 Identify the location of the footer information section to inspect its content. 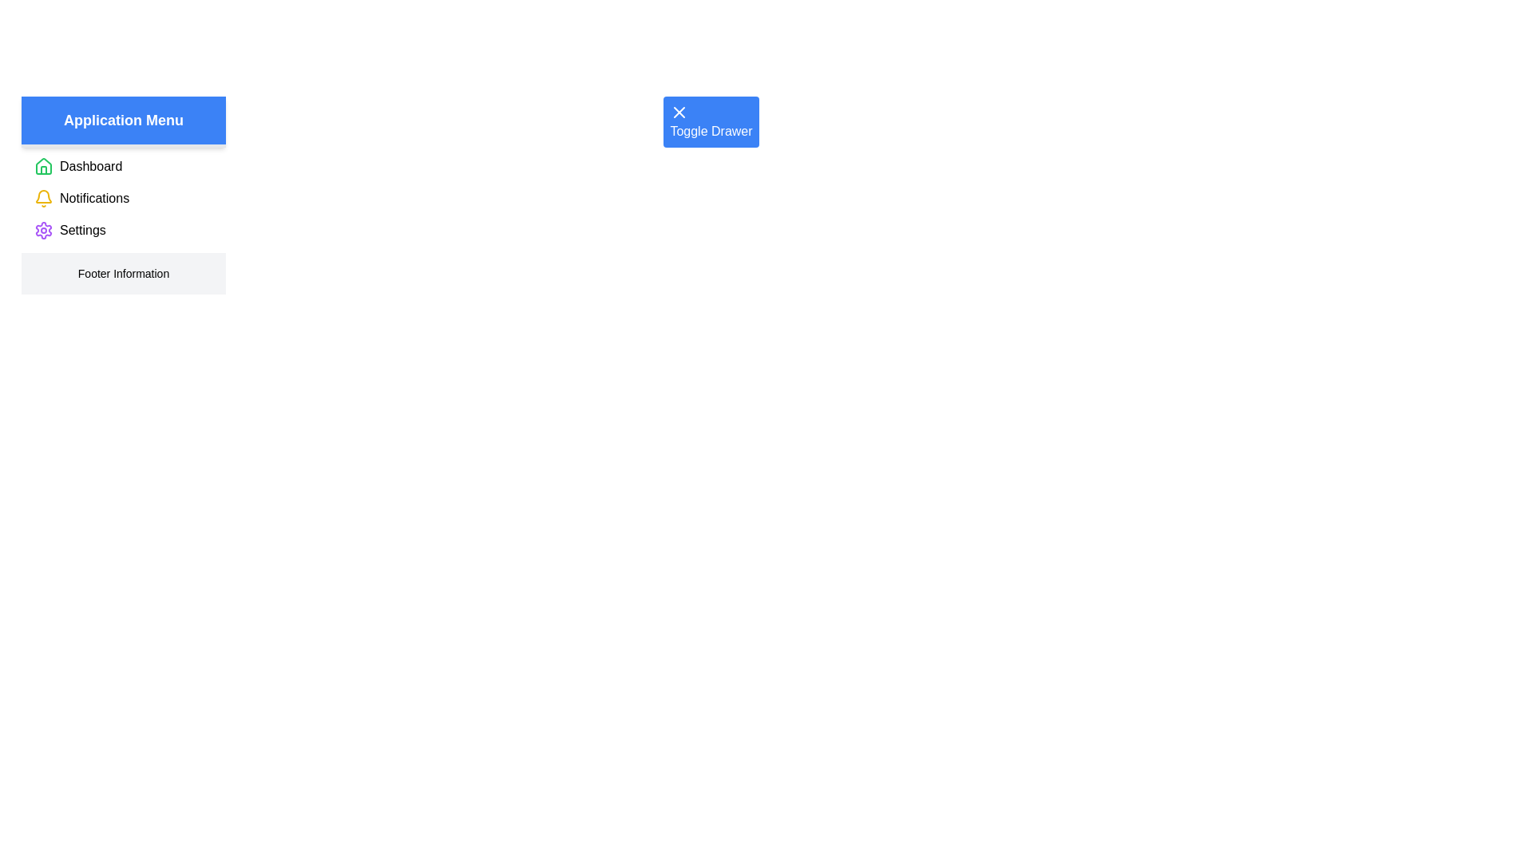
(122, 273).